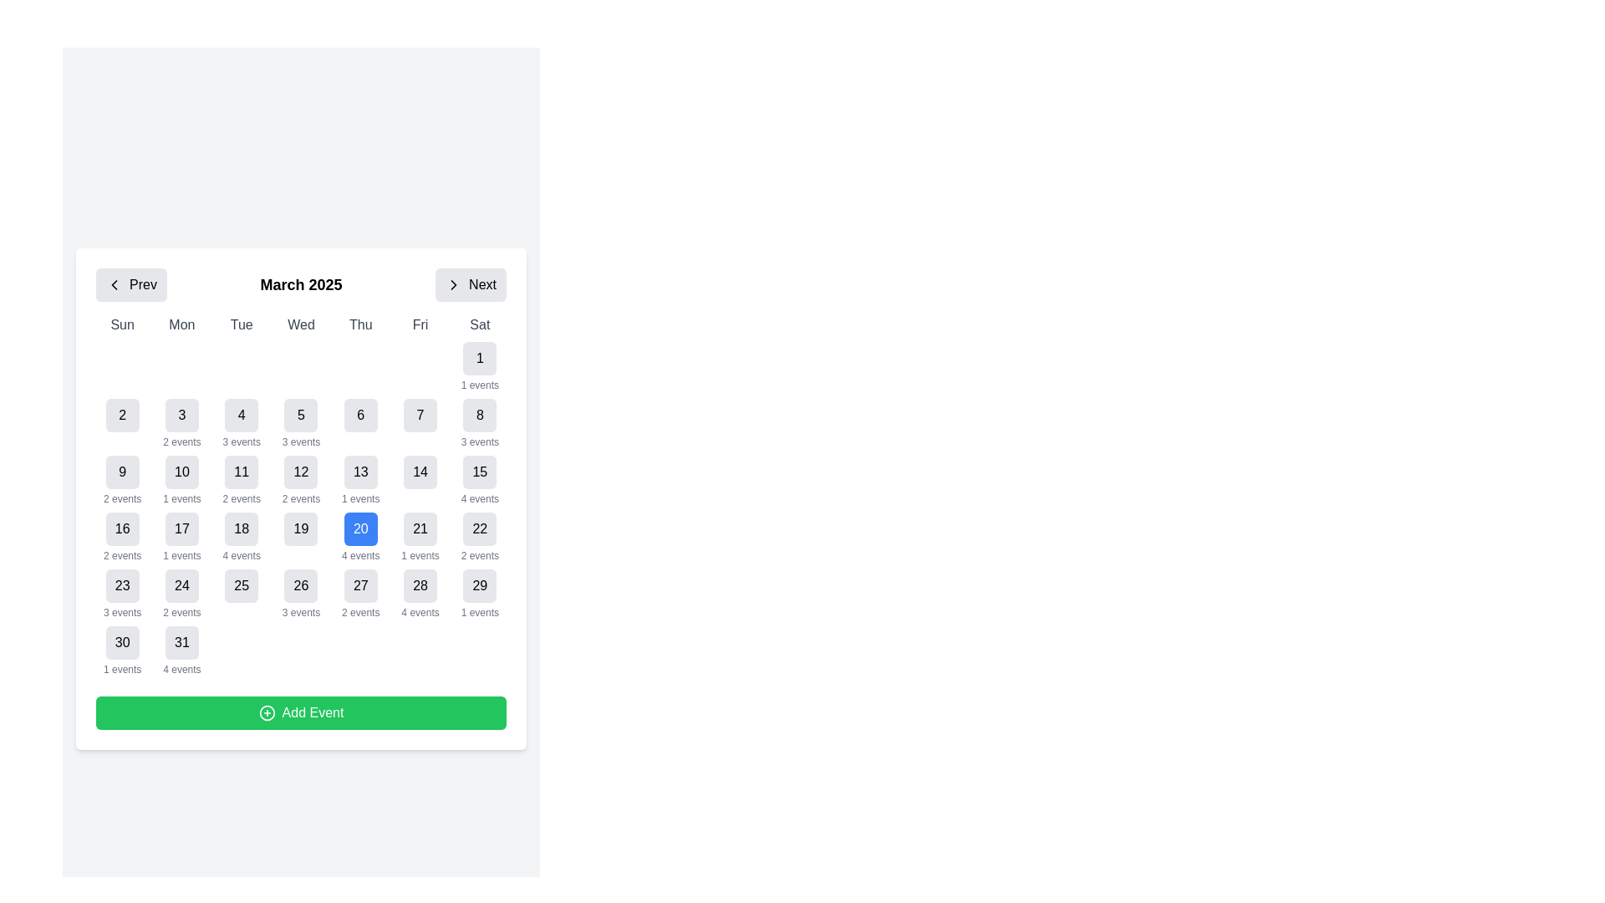  Describe the element at coordinates (241, 366) in the screenshot. I see `the third cell in the top row of the calendar grid, located beneath 'Tue', which represents Tuesday` at that location.